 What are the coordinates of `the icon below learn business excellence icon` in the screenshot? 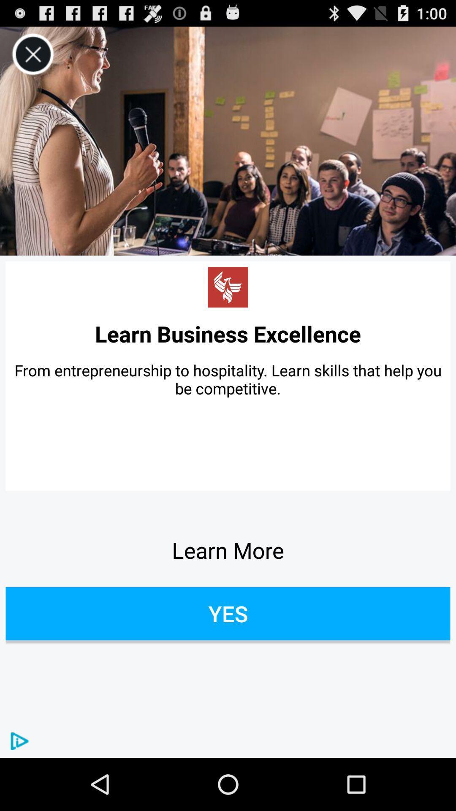 It's located at (228, 379).